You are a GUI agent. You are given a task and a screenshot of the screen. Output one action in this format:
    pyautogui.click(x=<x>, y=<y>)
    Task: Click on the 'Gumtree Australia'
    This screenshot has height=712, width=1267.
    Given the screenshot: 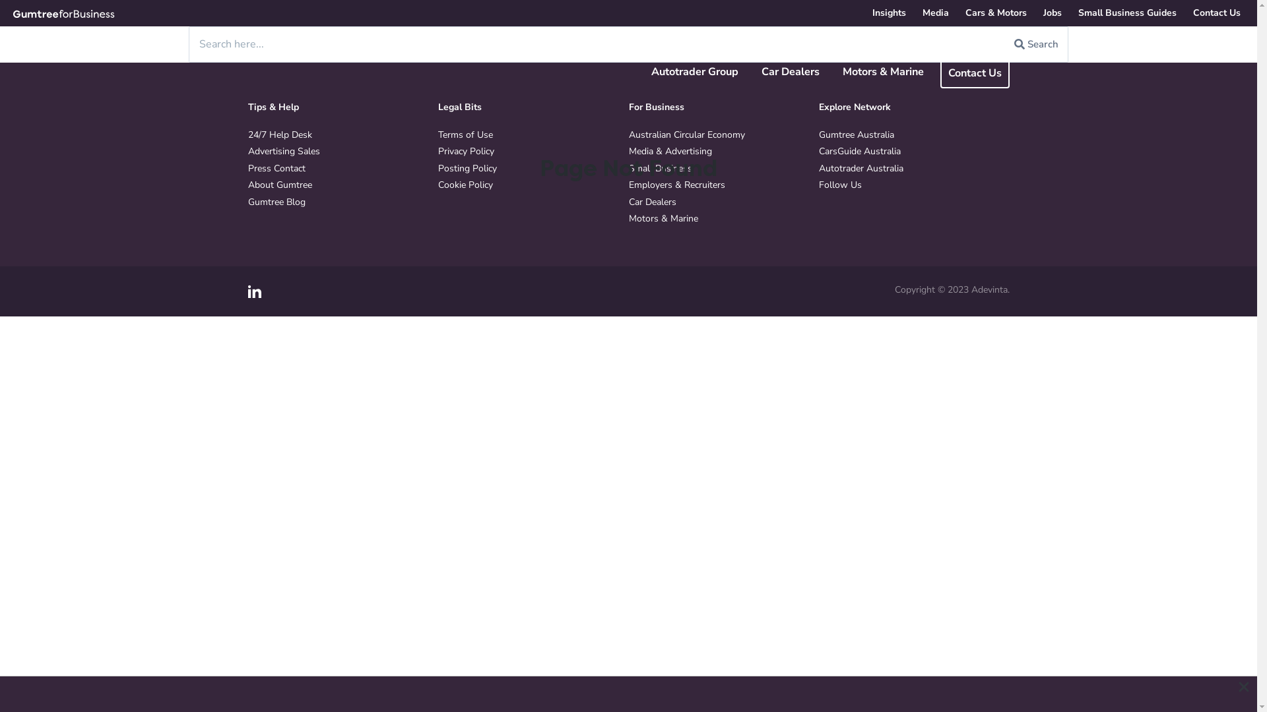 What is the action you would take?
    pyautogui.click(x=856, y=134)
    